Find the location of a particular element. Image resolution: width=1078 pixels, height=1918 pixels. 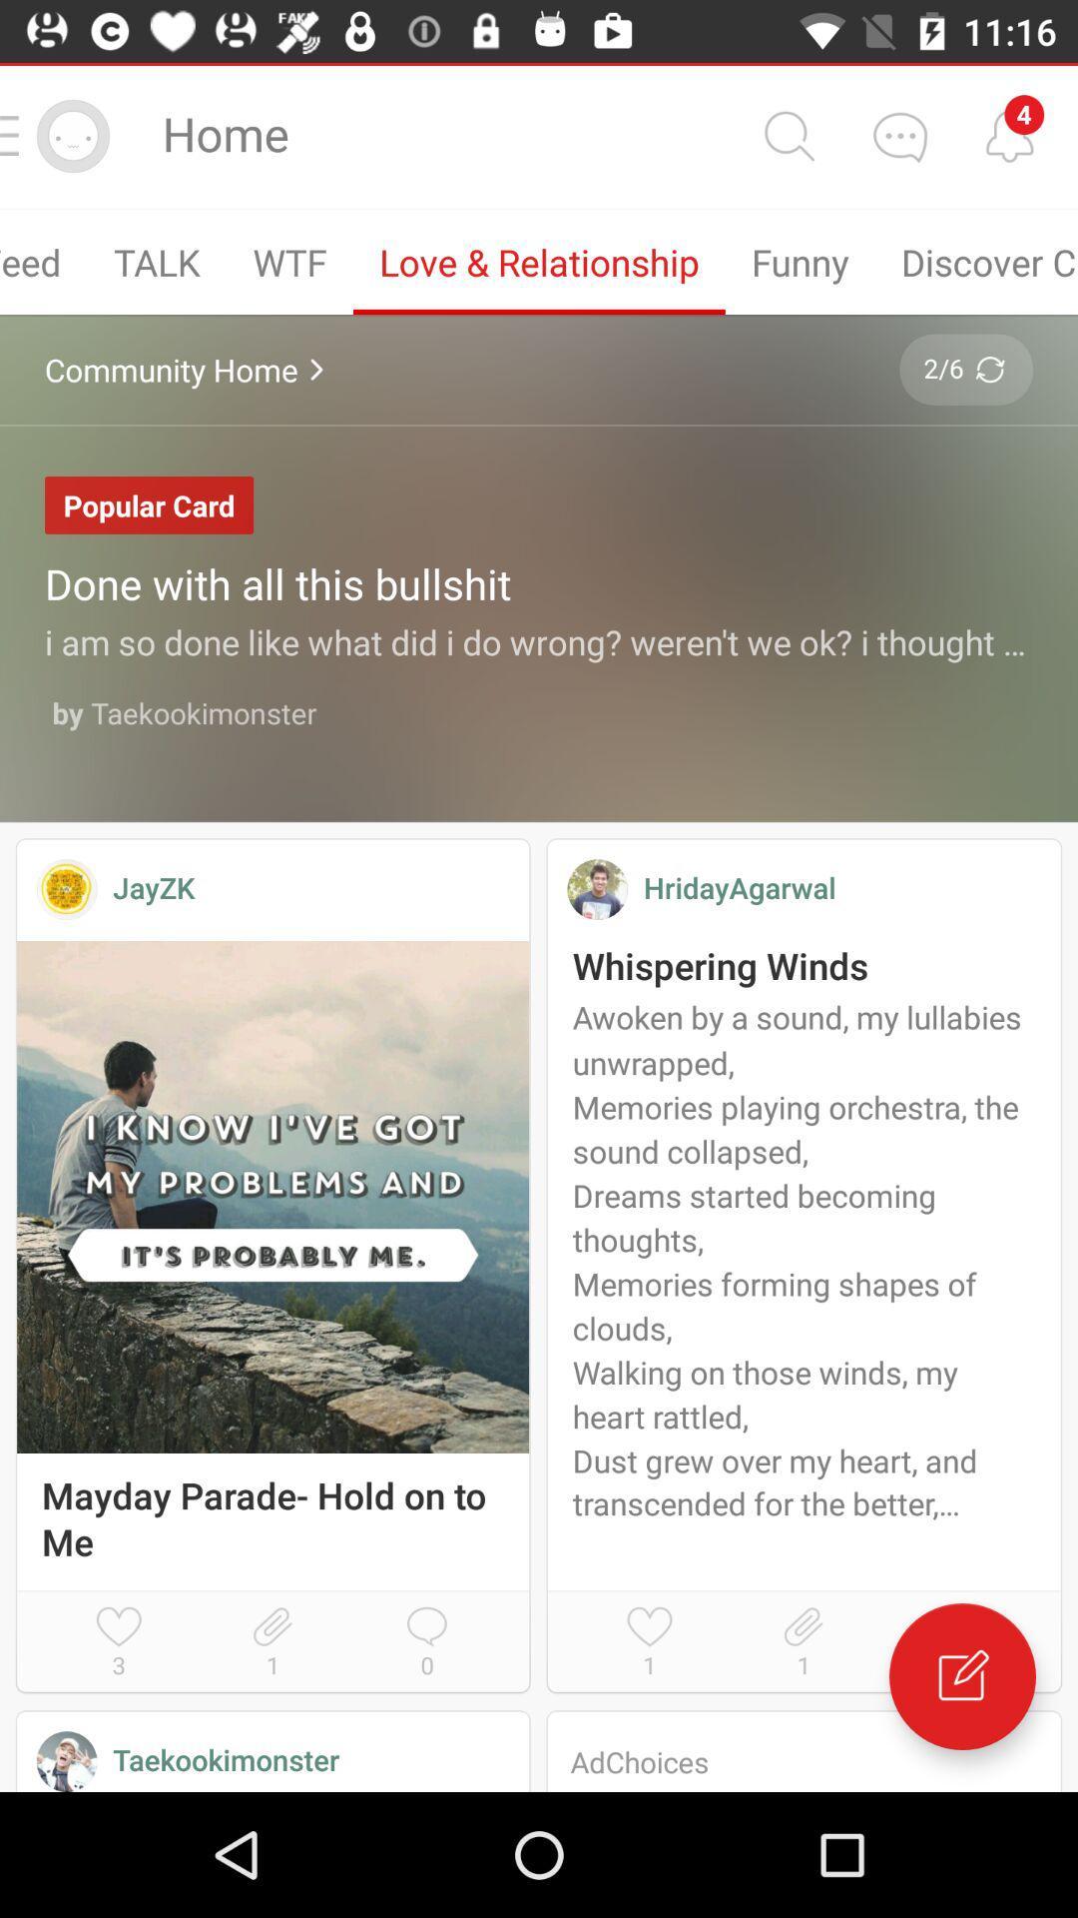

alerts is located at coordinates (1009, 135).